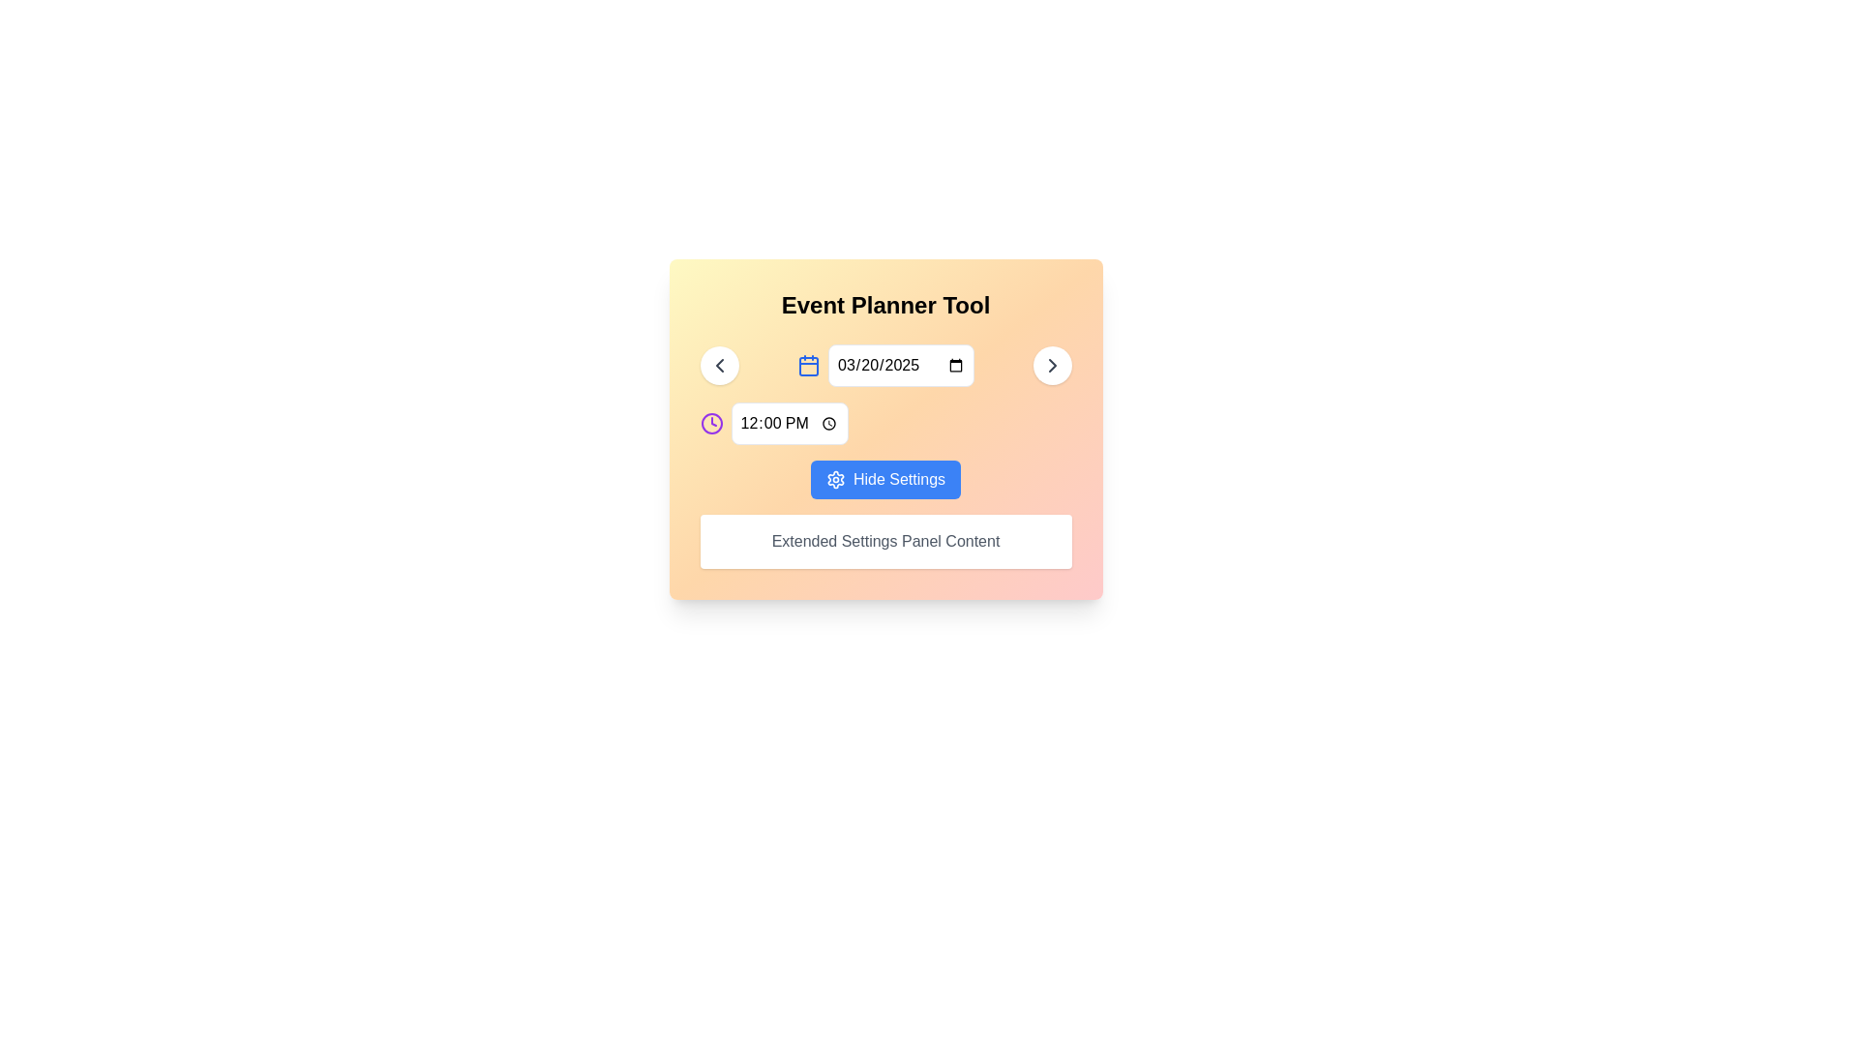 This screenshot has height=1045, width=1858. I want to click on text contained in the horizontally-aligned rectangular section with a white background labeled 'Extended Settings Panel Content', so click(884, 541).